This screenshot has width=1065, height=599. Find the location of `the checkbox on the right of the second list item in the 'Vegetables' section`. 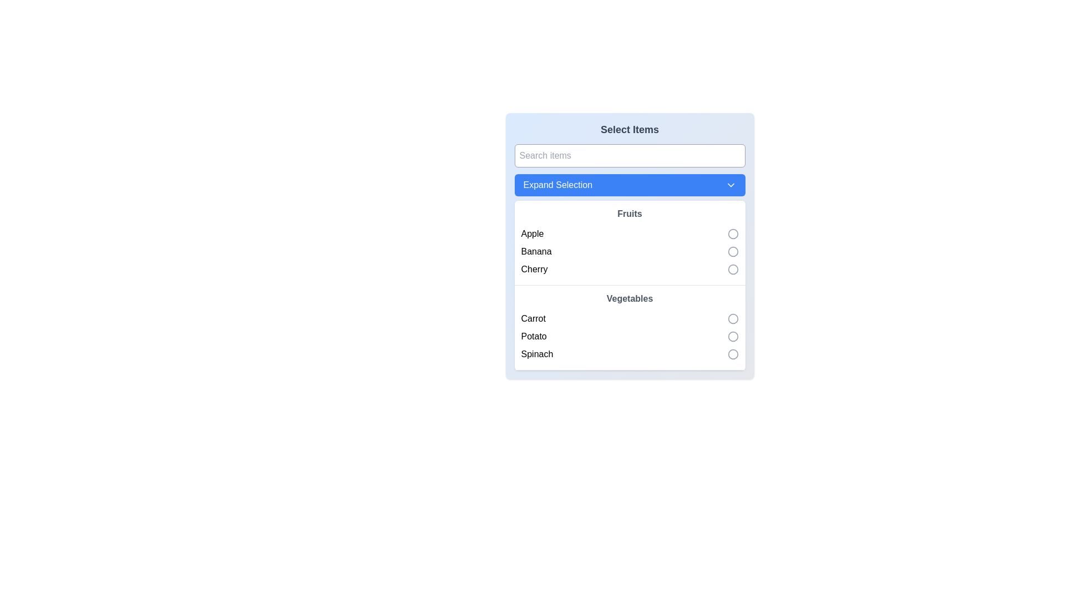

the checkbox on the right of the second list item in the 'Vegetables' section is located at coordinates (630, 336).